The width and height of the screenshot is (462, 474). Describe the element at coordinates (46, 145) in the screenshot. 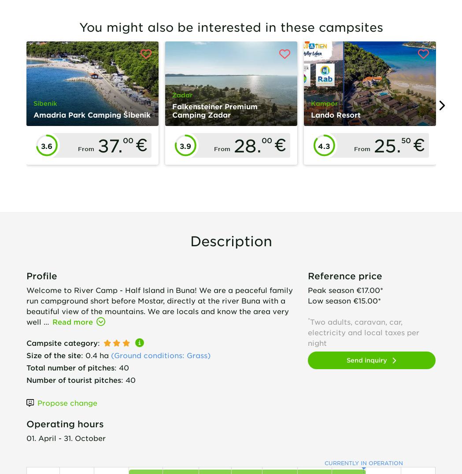

I see `'3.6'` at that location.